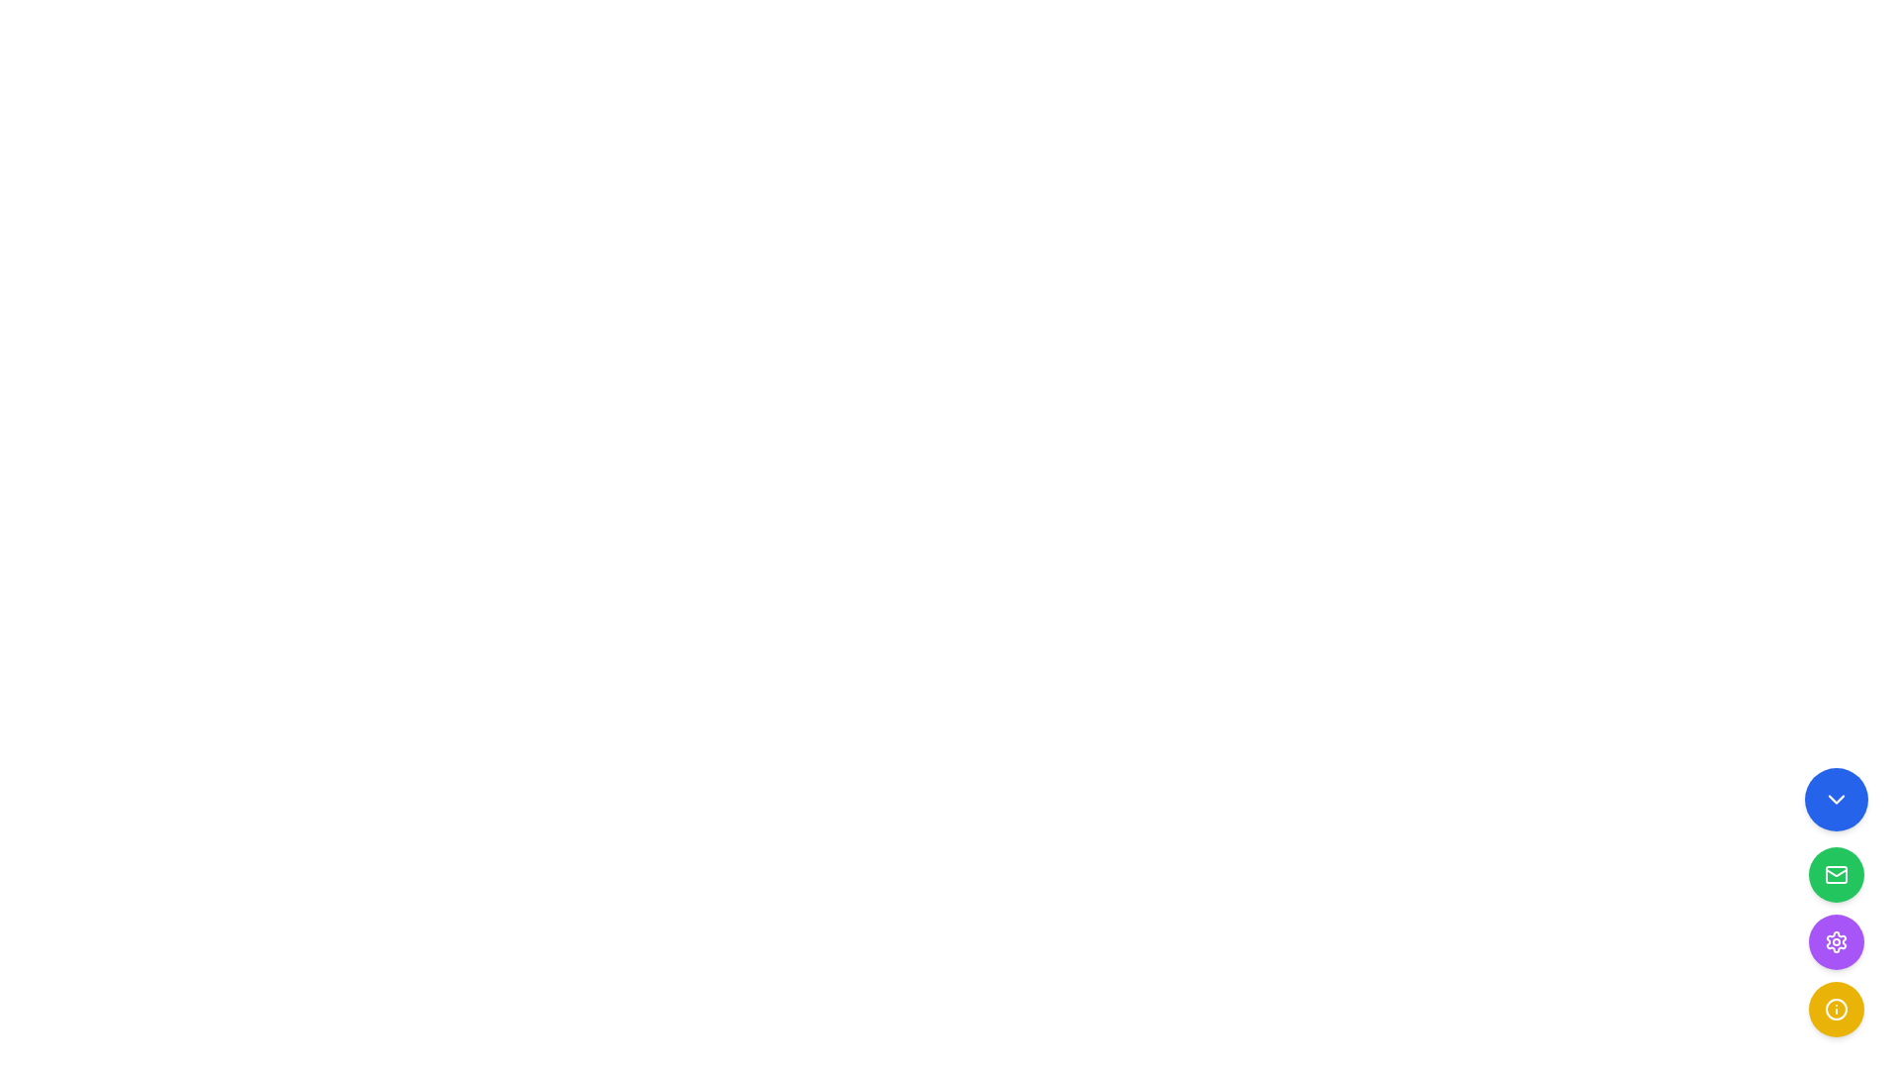 The height and width of the screenshot is (1069, 1900). I want to click on the green circular Icon Button with an envelope icon, so click(1836, 873).